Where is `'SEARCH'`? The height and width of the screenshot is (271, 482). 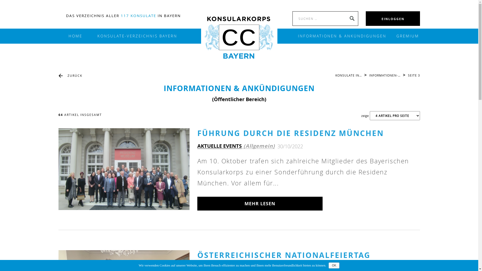
'SEARCH' is located at coordinates (351, 18).